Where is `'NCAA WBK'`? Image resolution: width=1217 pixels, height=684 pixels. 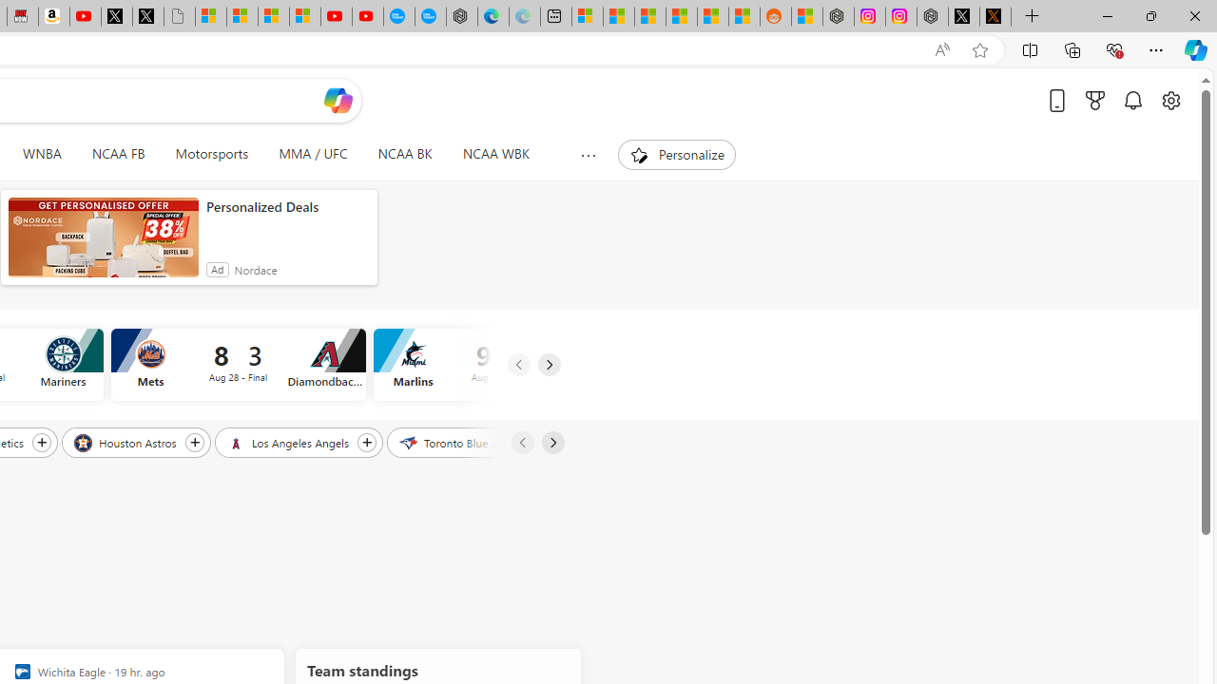 'NCAA WBK' is located at coordinates (495, 154).